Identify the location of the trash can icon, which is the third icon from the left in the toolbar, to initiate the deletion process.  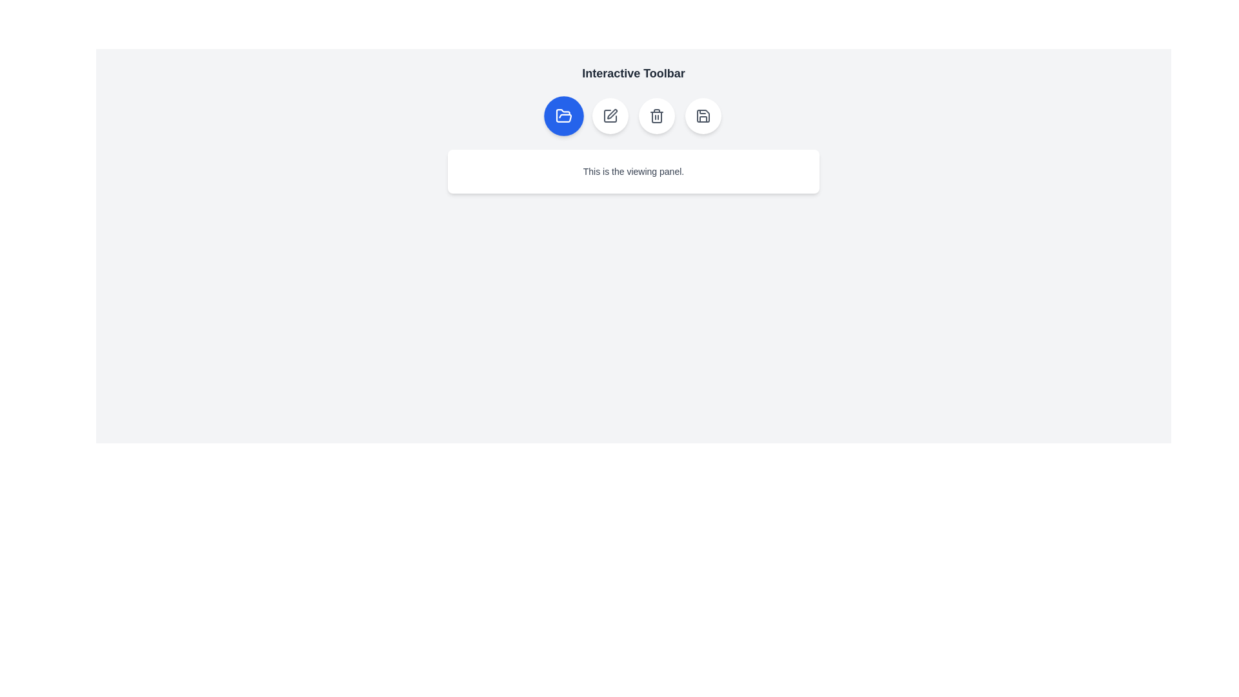
(656, 116).